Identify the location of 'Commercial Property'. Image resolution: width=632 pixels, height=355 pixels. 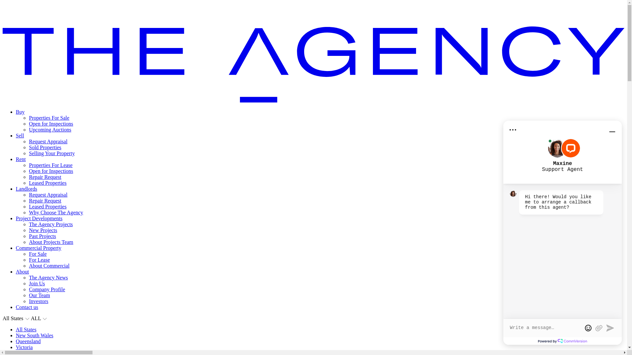
(38, 248).